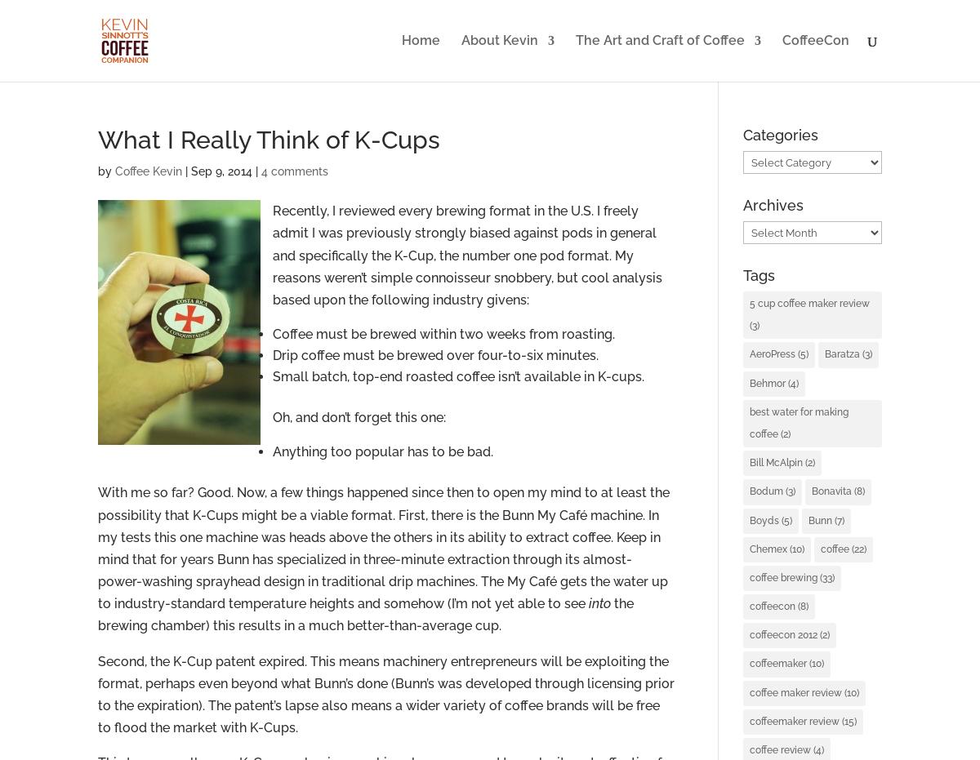 The image size is (980, 760). What do you see at coordinates (857, 547) in the screenshot?
I see `'(22)'` at bounding box center [857, 547].